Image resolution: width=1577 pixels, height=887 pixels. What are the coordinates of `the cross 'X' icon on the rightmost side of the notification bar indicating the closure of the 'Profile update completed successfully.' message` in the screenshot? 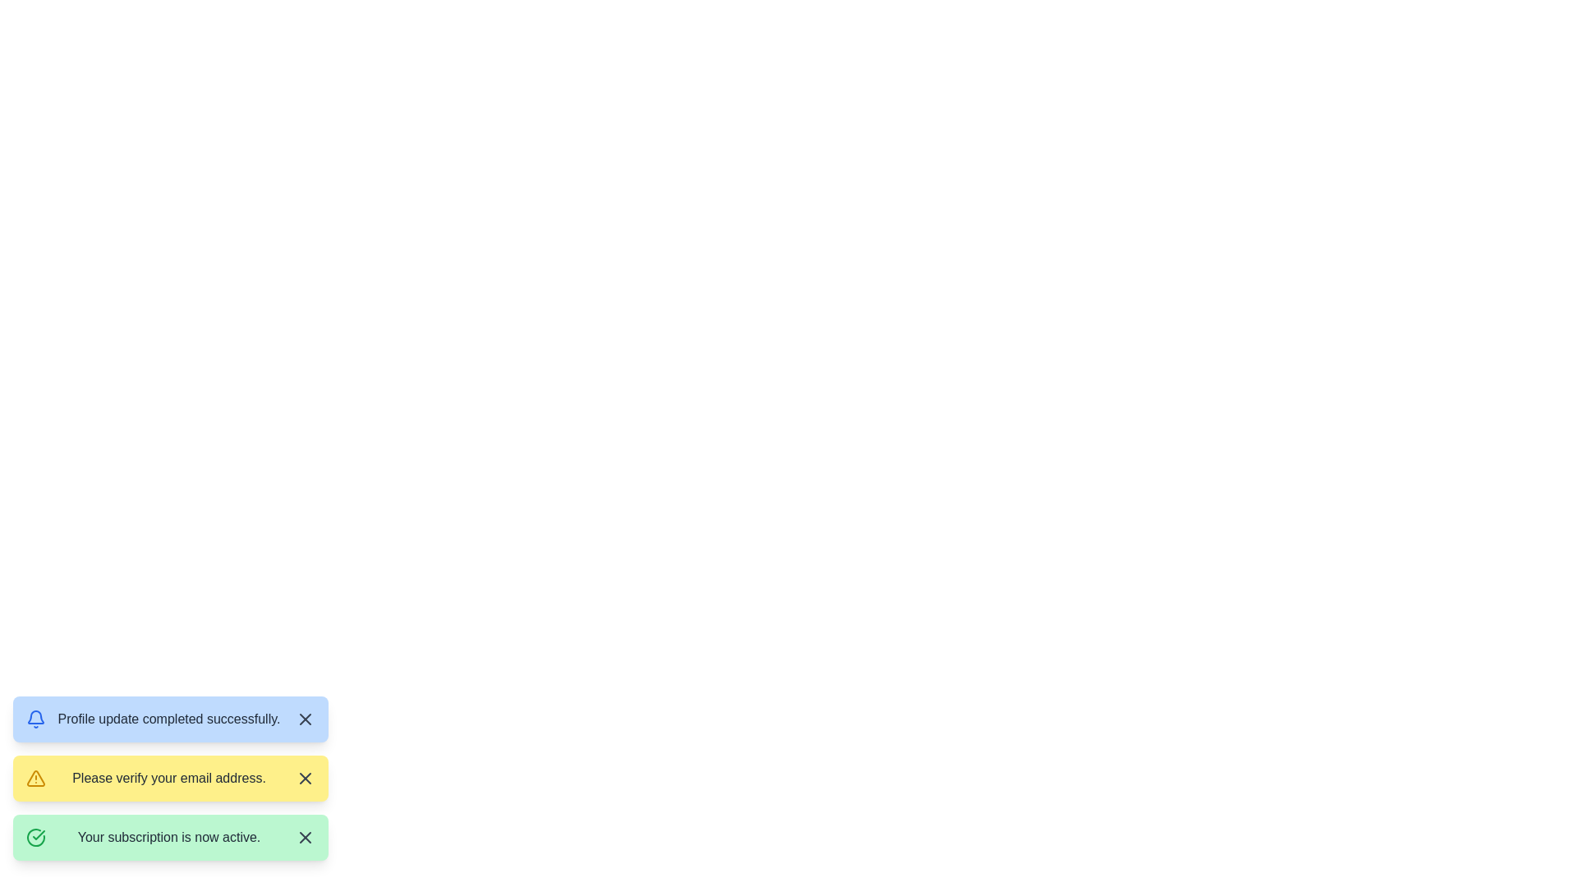 It's located at (306, 718).